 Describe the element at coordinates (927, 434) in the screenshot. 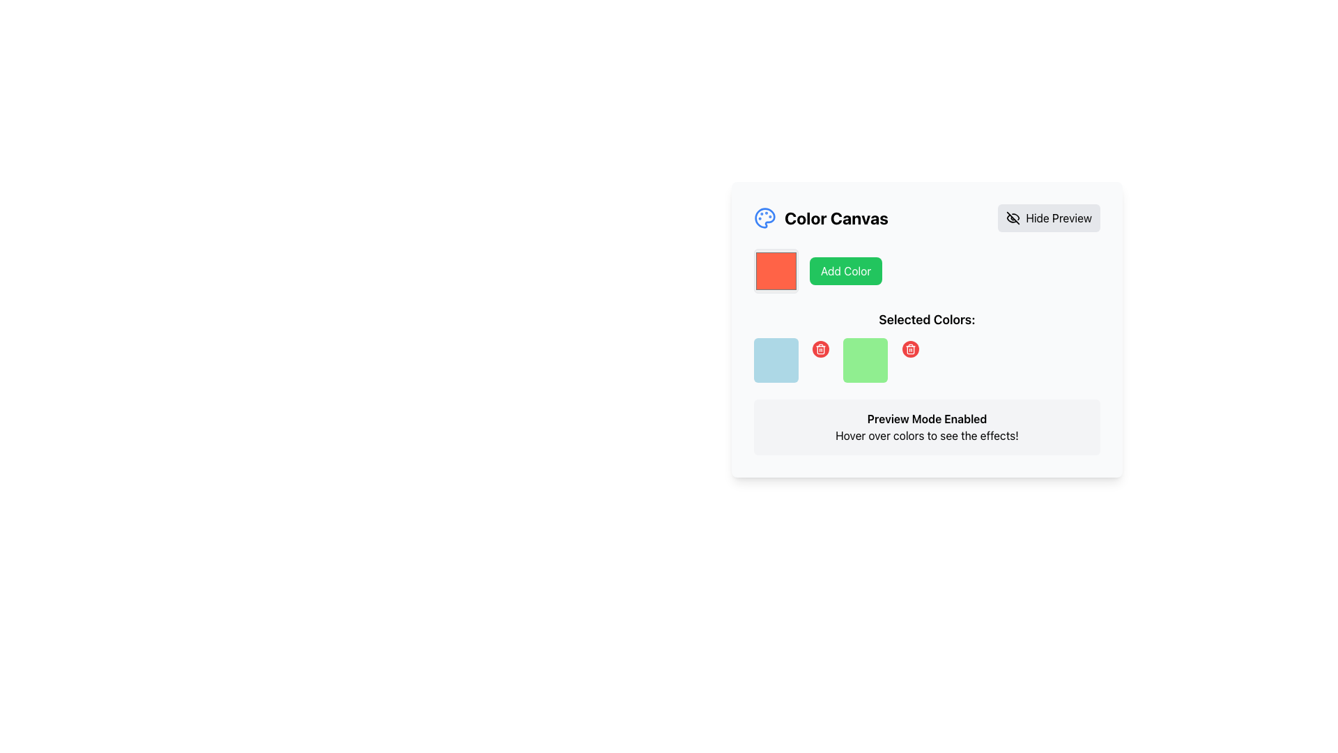

I see `the instructional text label located in the footer of the 'Color Canvas' panel, positioned directly below 'Preview Mode Enabled'` at that location.